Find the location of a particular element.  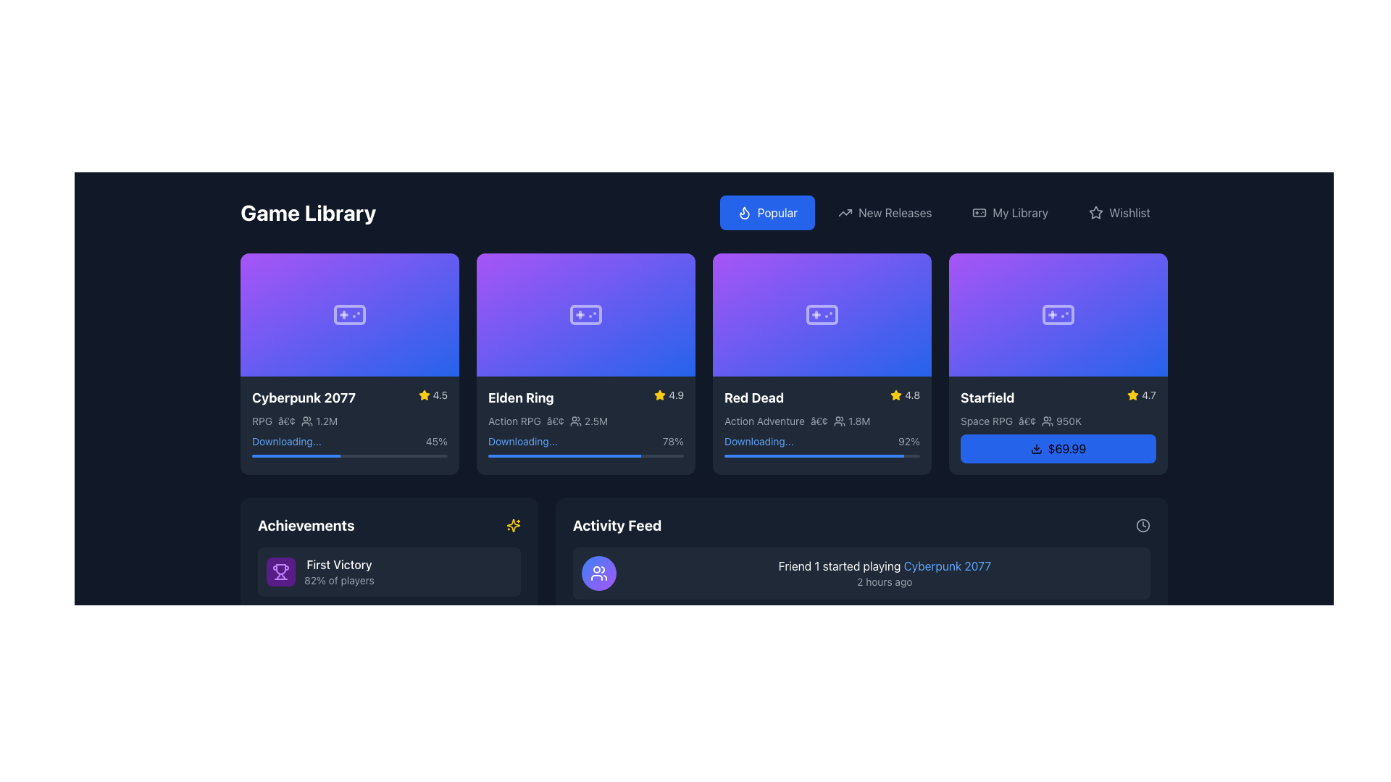

game's name displayed in the Composite content display (title and rating indicator) for the game 'Starfield', located at the topmost part of the fourth content card in the game's listing is located at coordinates (1058, 397).